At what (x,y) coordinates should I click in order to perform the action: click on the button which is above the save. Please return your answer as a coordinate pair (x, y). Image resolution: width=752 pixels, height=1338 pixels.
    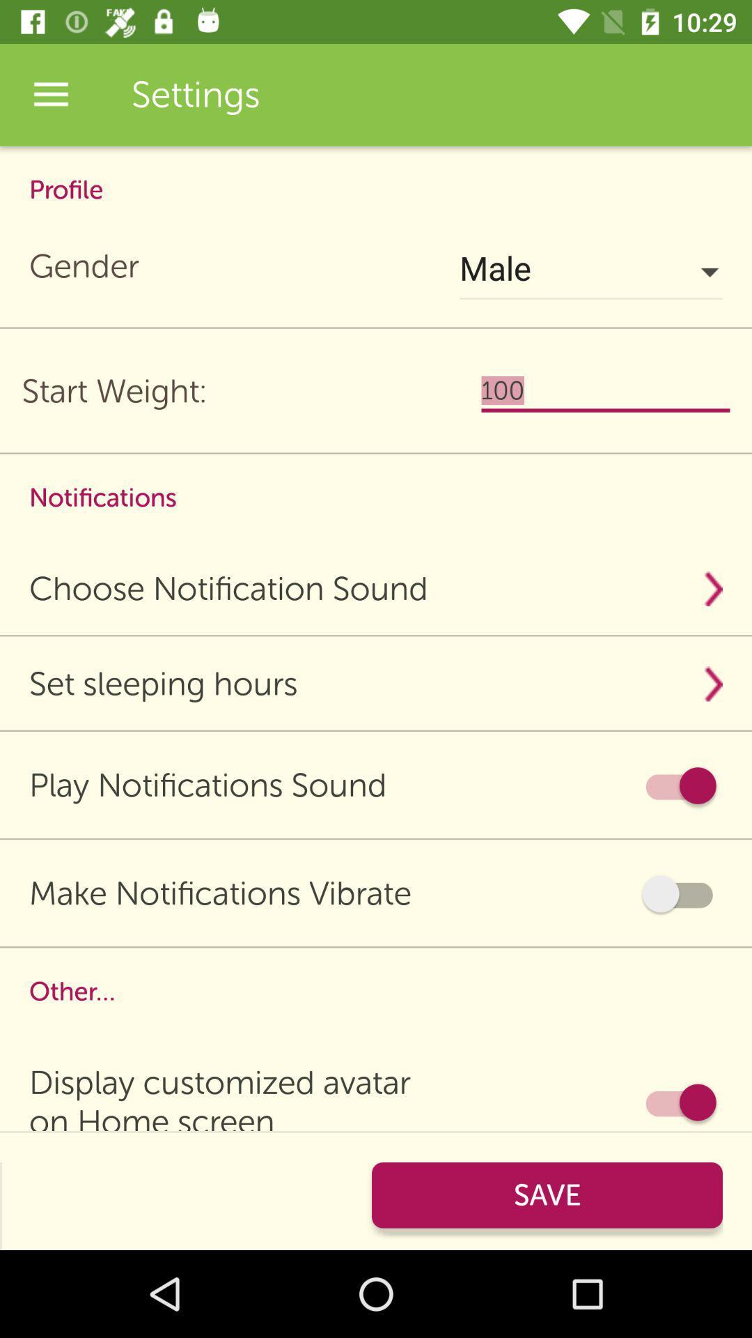
    Looking at the image, I should click on (678, 1102).